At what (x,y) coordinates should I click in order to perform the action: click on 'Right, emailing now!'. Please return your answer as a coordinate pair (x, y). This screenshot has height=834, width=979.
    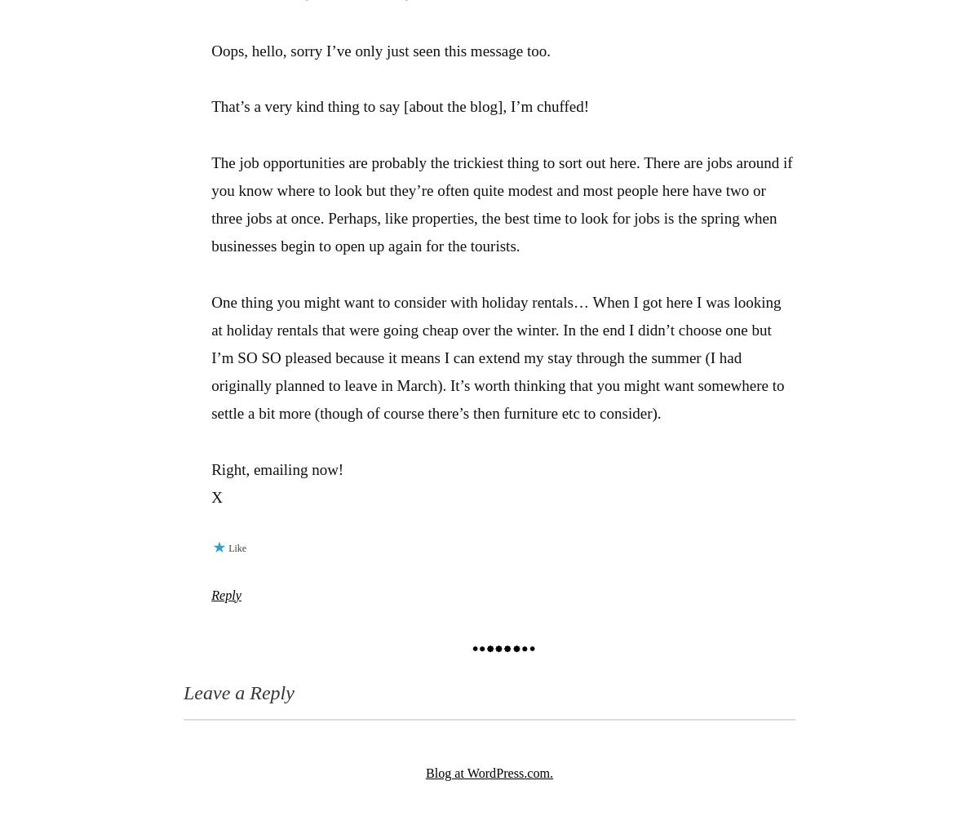
    Looking at the image, I should click on (277, 468).